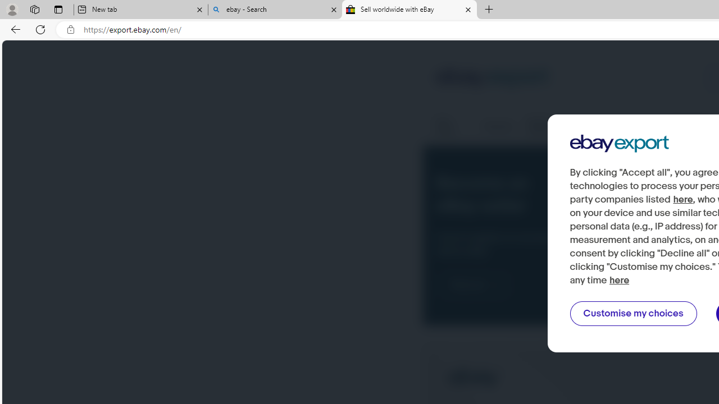 Image resolution: width=719 pixels, height=404 pixels. Describe the element at coordinates (58, 9) in the screenshot. I see `'Tab actions menu'` at that location.